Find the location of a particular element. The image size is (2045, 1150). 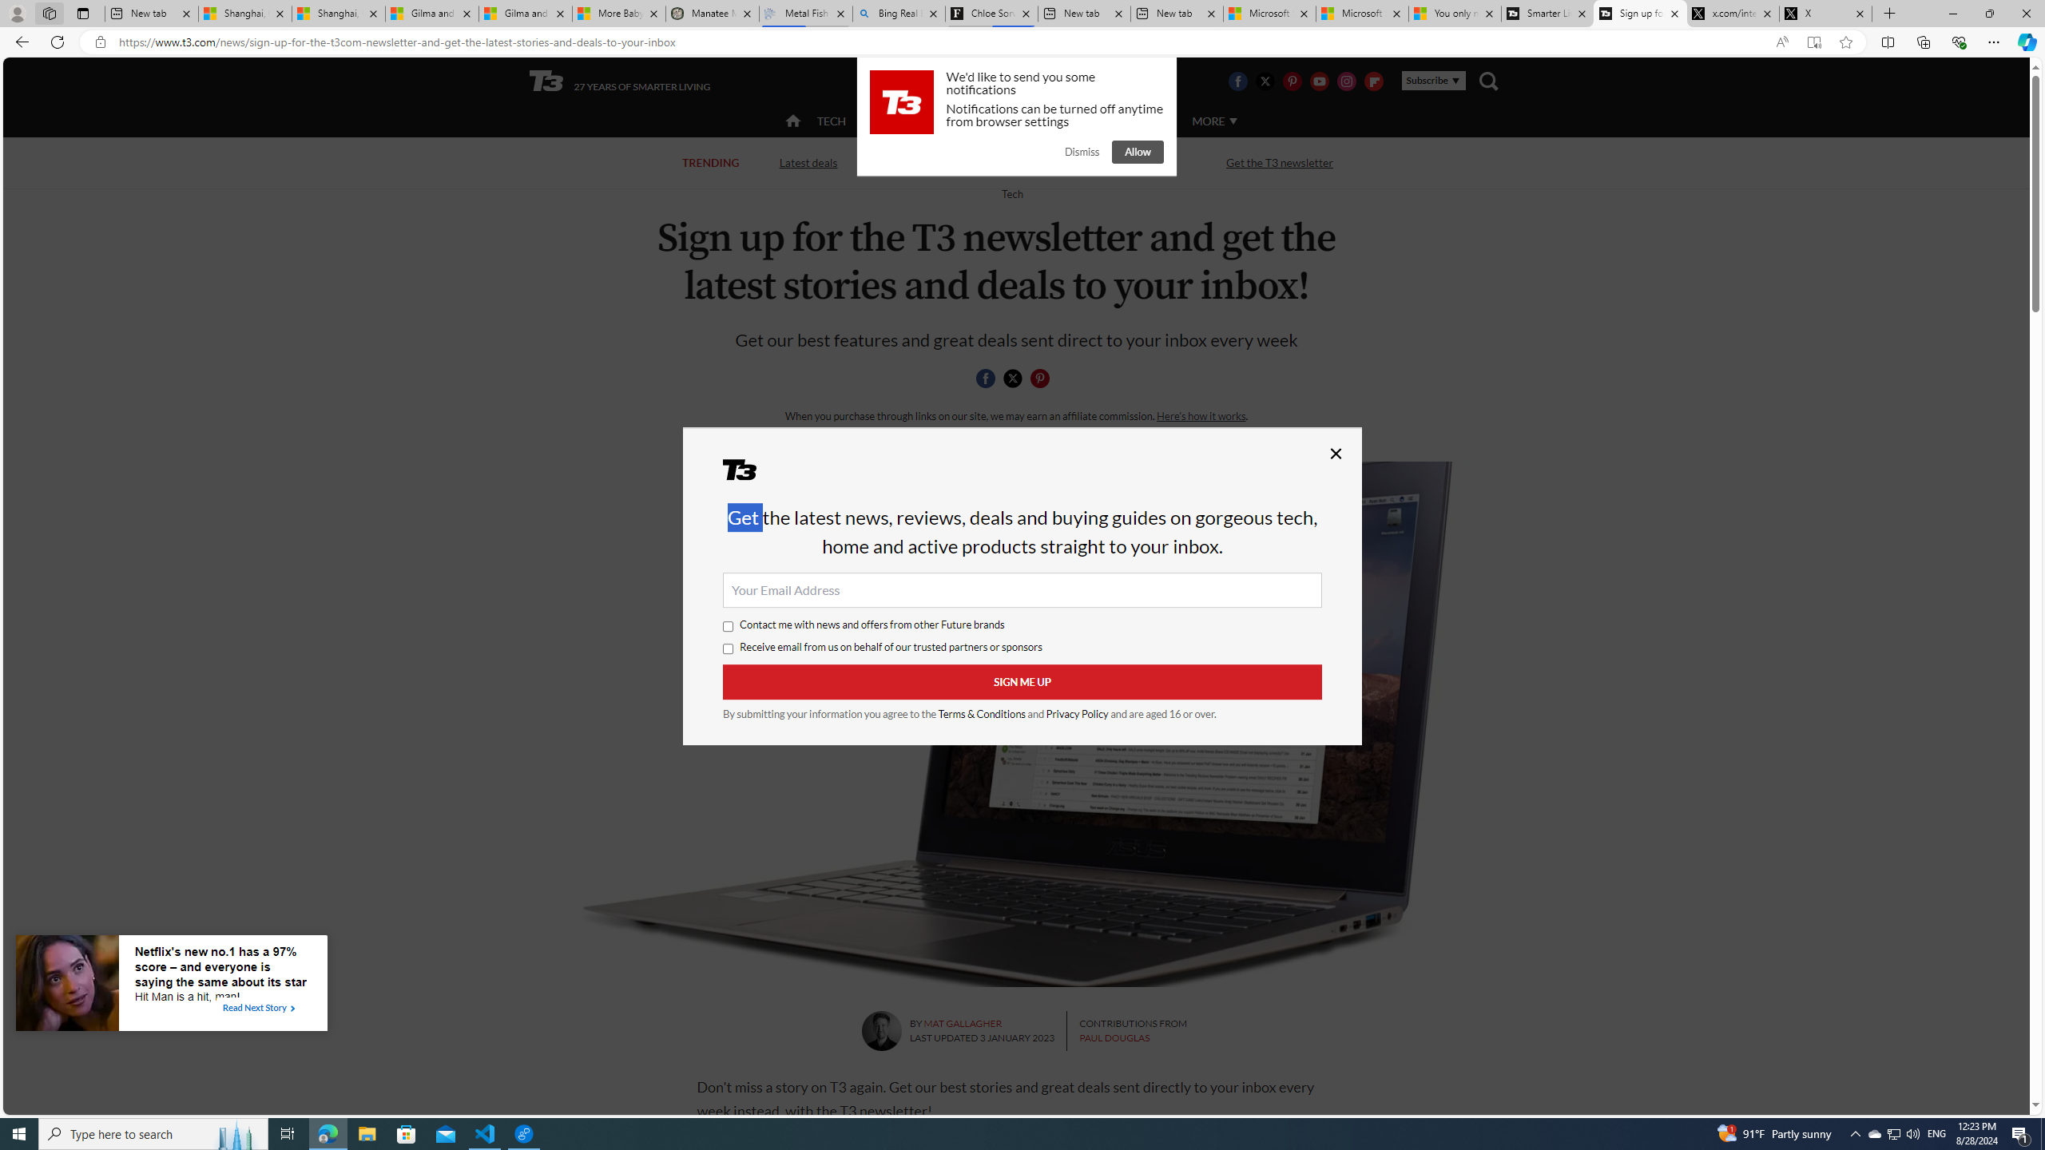

'LUXURY' is located at coordinates (1074, 120).